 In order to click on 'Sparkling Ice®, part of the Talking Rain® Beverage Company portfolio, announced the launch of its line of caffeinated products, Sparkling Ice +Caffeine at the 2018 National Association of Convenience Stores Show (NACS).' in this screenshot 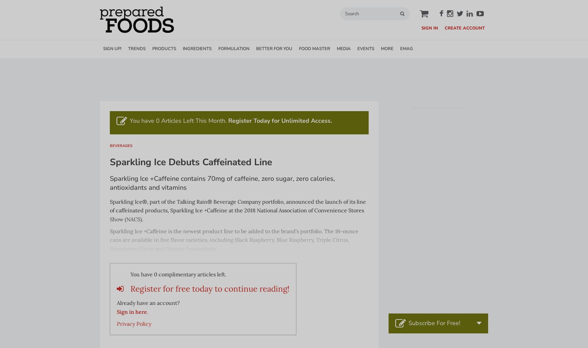, I will do `click(237, 210)`.